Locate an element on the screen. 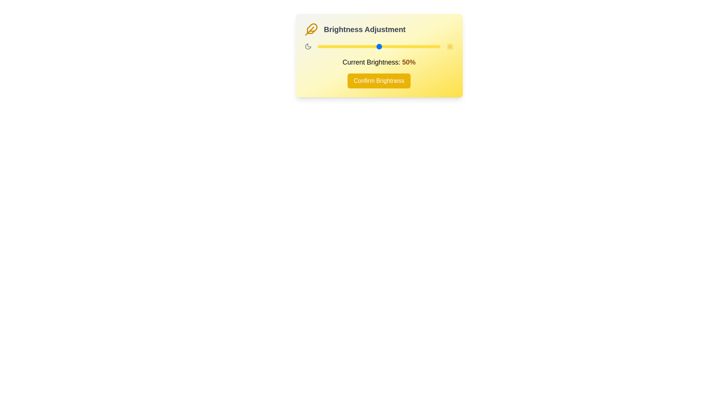 This screenshot has width=716, height=403. the brightness to 16% by dragging the slider is located at coordinates (337, 46).